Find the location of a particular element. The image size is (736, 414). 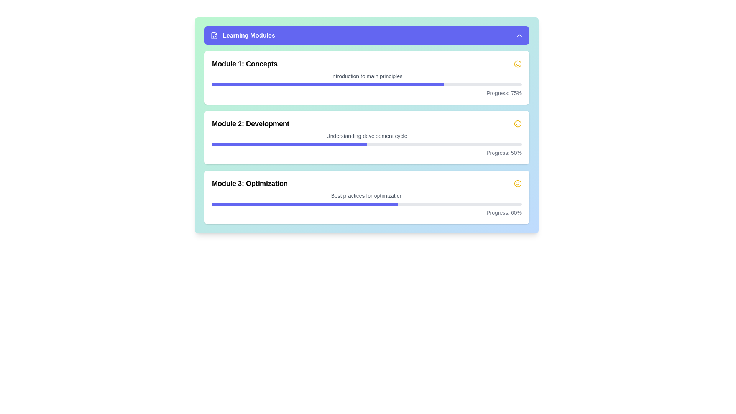

the circular smiley face icon located on the far-right side of the 'Module 2: Development' area is located at coordinates (517, 123).